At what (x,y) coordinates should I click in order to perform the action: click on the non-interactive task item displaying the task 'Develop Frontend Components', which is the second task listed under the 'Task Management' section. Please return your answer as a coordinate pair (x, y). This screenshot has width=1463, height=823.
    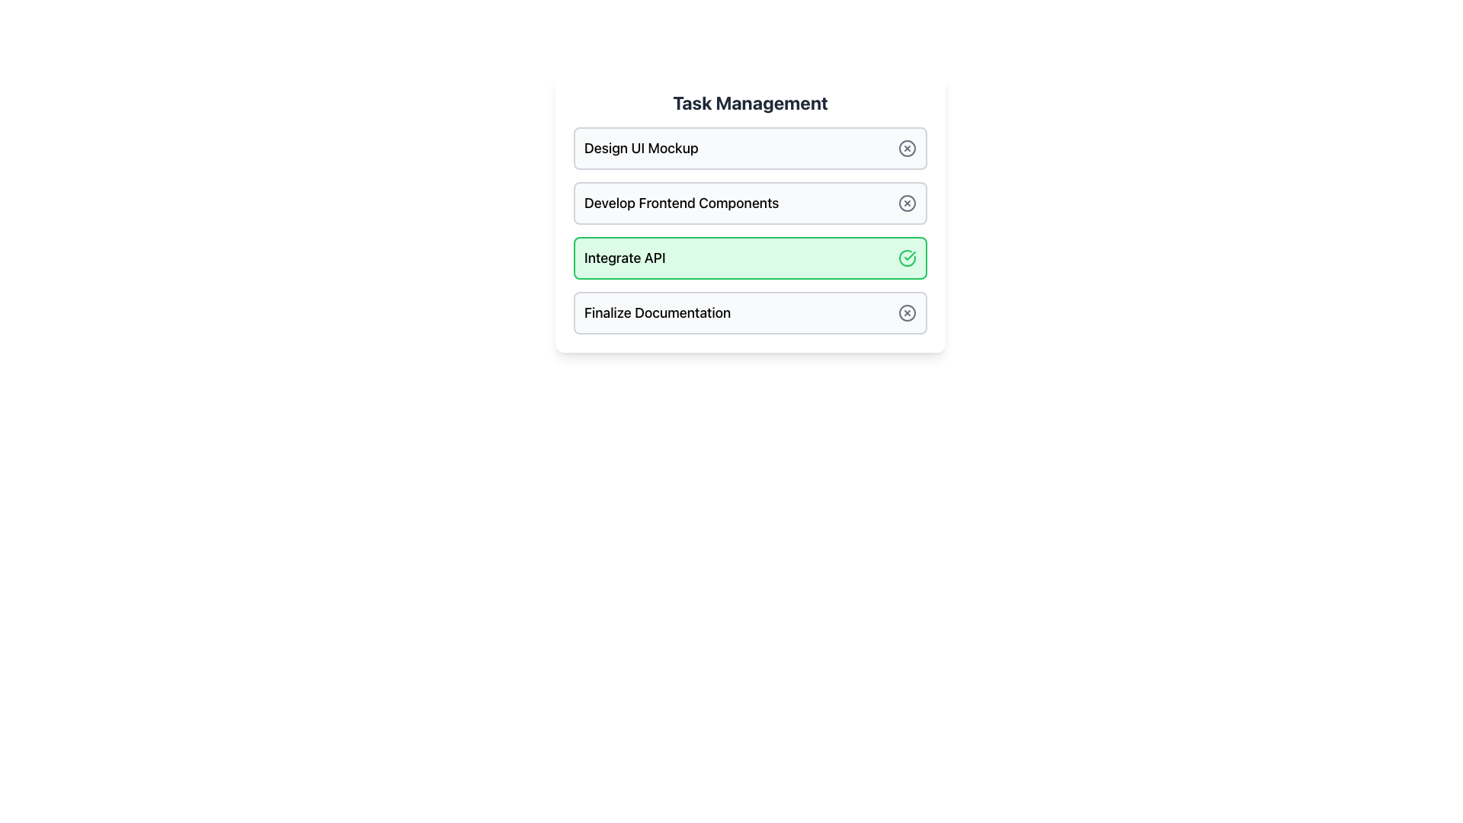
    Looking at the image, I should click on (750, 212).